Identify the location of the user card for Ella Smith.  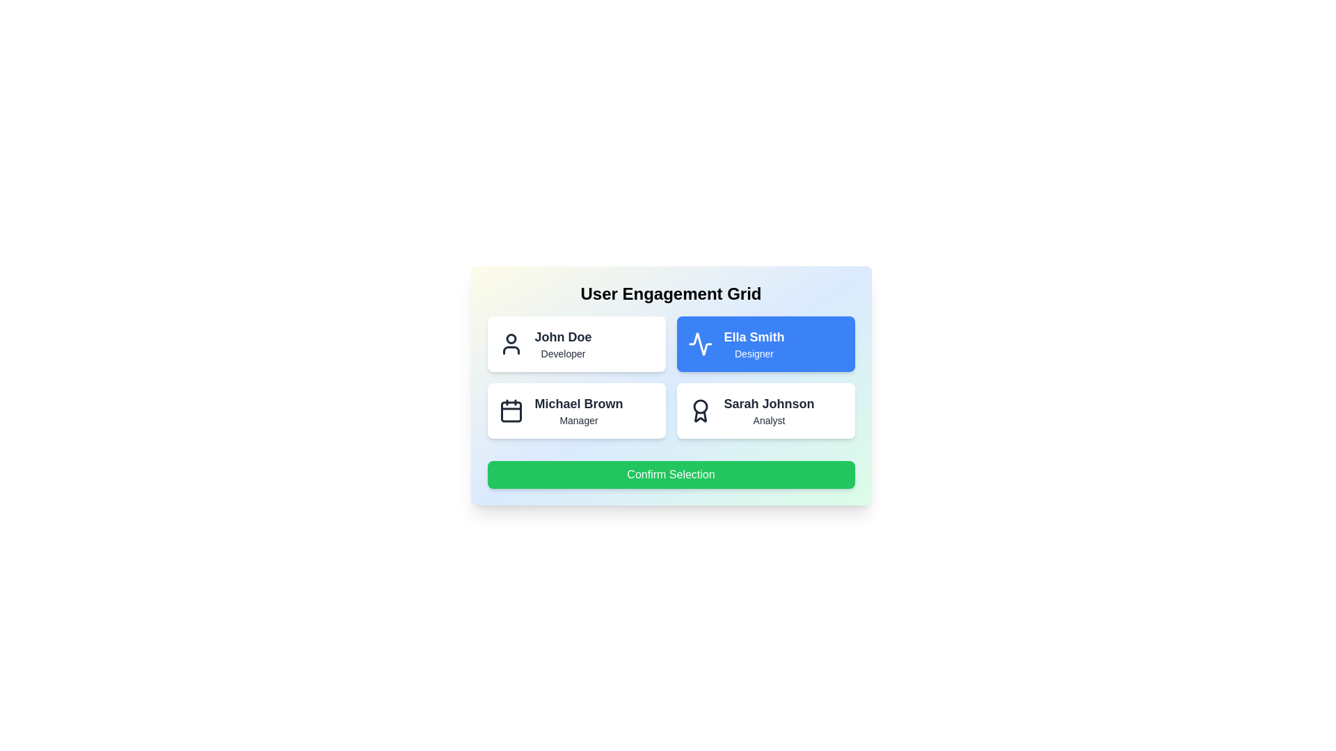
(765, 344).